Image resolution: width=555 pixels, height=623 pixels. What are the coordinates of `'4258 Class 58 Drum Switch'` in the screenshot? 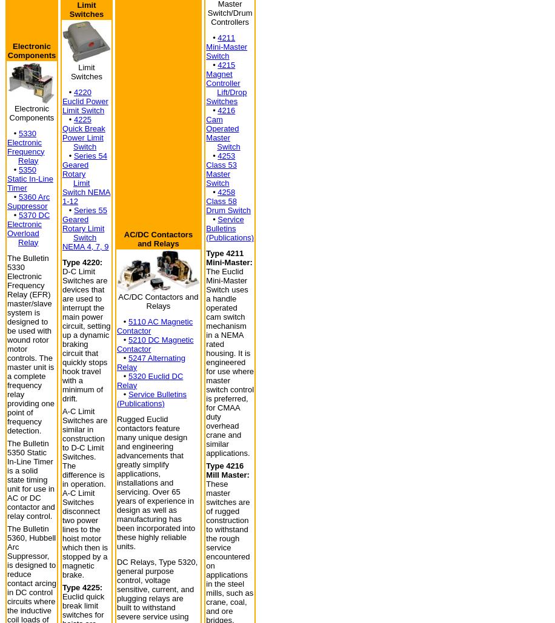 It's located at (228, 201).